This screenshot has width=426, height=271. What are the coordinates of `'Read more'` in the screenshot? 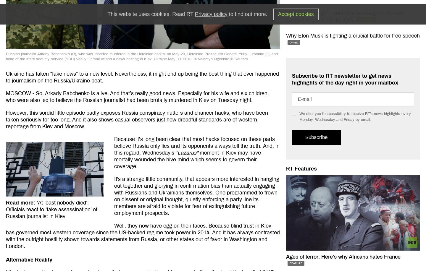 It's located at (20, 202).